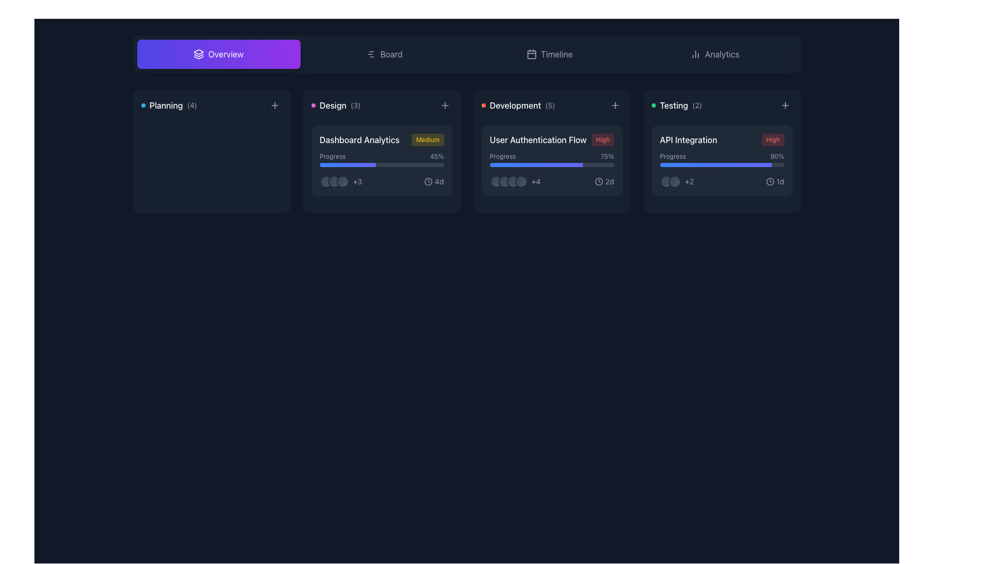 This screenshot has width=1002, height=564. Describe the element at coordinates (325, 181) in the screenshot. I see `the circular indicator or avatar placeholder located in the top-left corner of a group of three circular components below the 'Dashboard Analytics' card in the 'Design' section` at that location.